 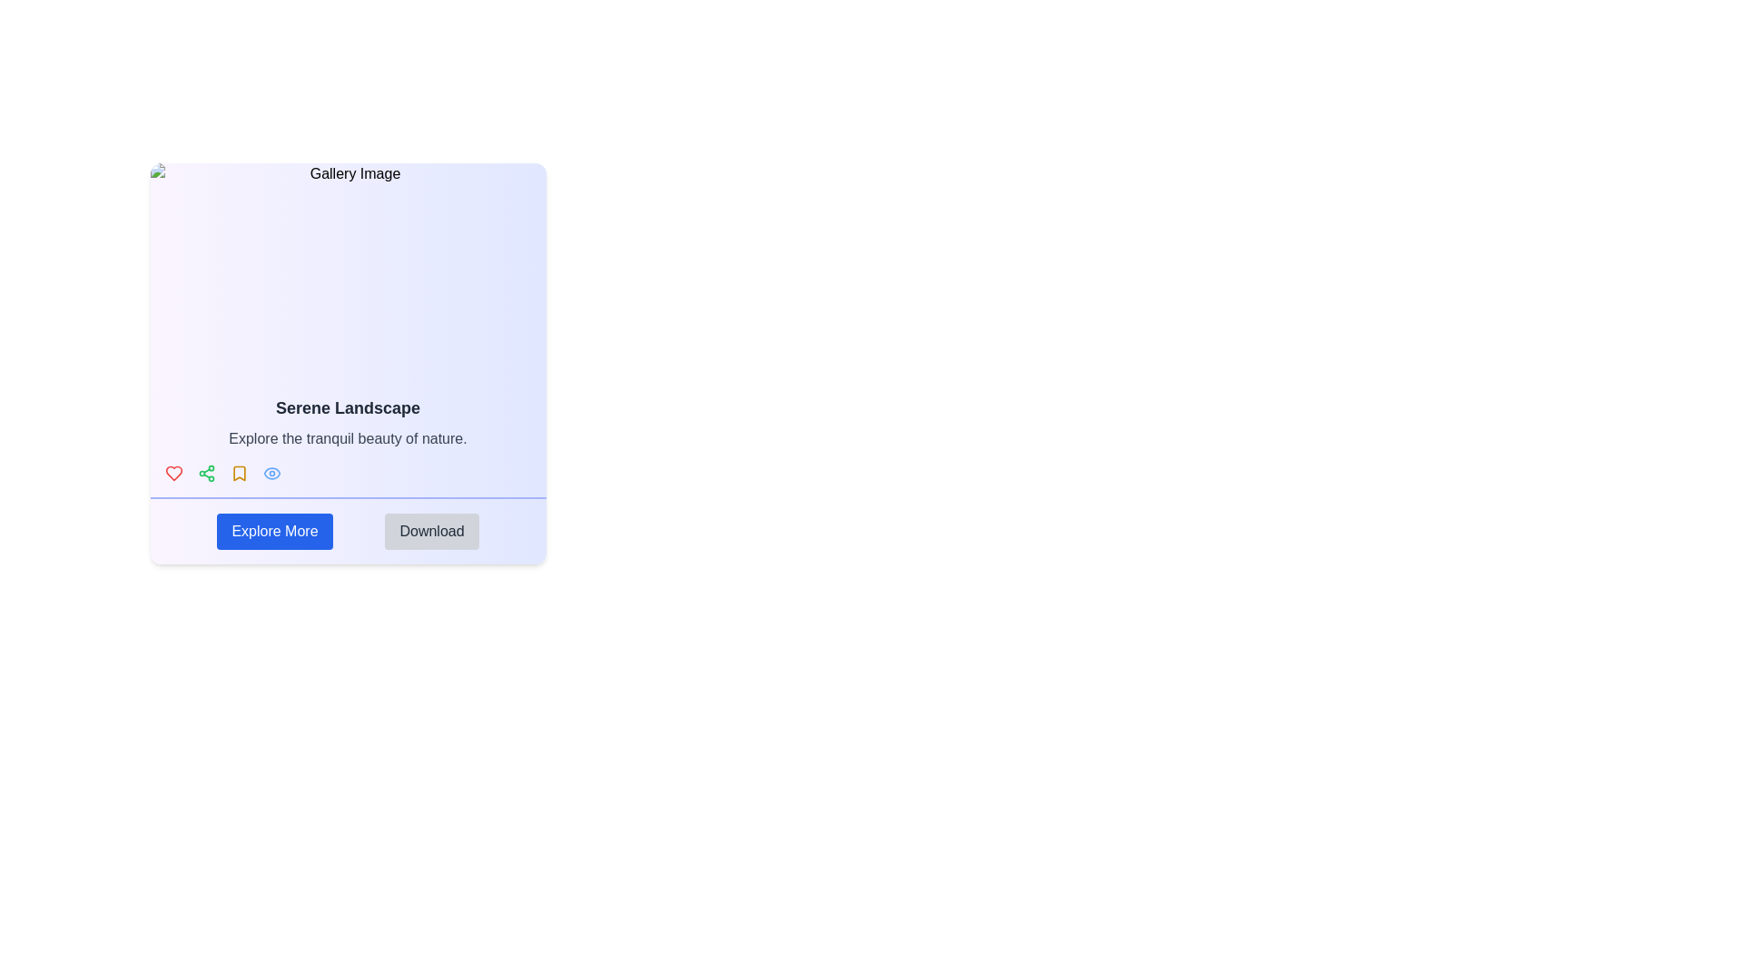 I want to click on one of the action icons in the Action Bar located above the 'Explore More' and 'Download' buttons in the content card, so click(x=348, y=472).